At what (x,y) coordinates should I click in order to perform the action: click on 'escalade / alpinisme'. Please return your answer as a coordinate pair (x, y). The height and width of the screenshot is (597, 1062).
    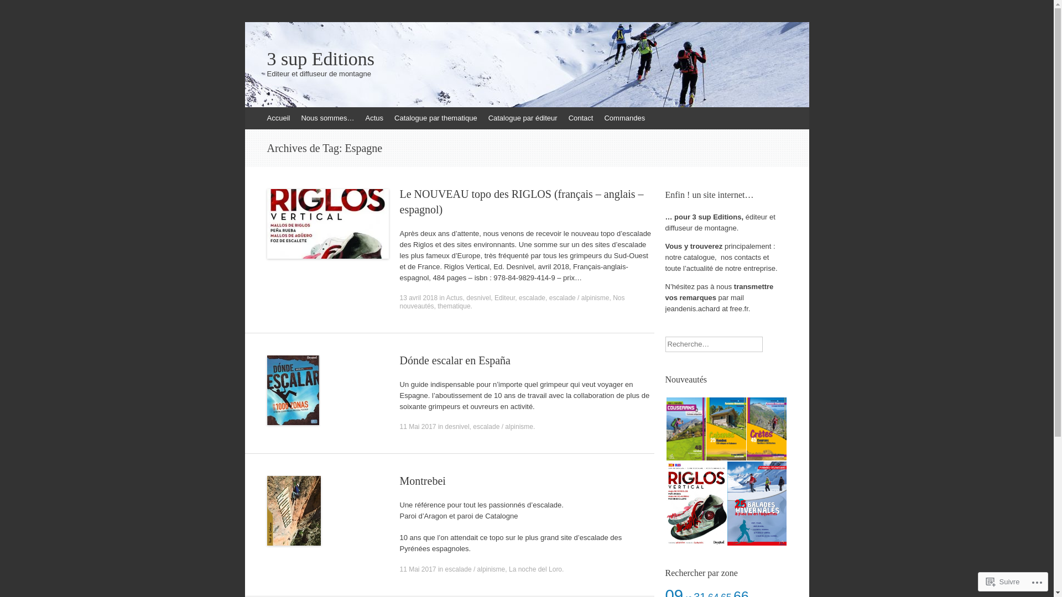
    Looking at the image, I should click on (502, 426).